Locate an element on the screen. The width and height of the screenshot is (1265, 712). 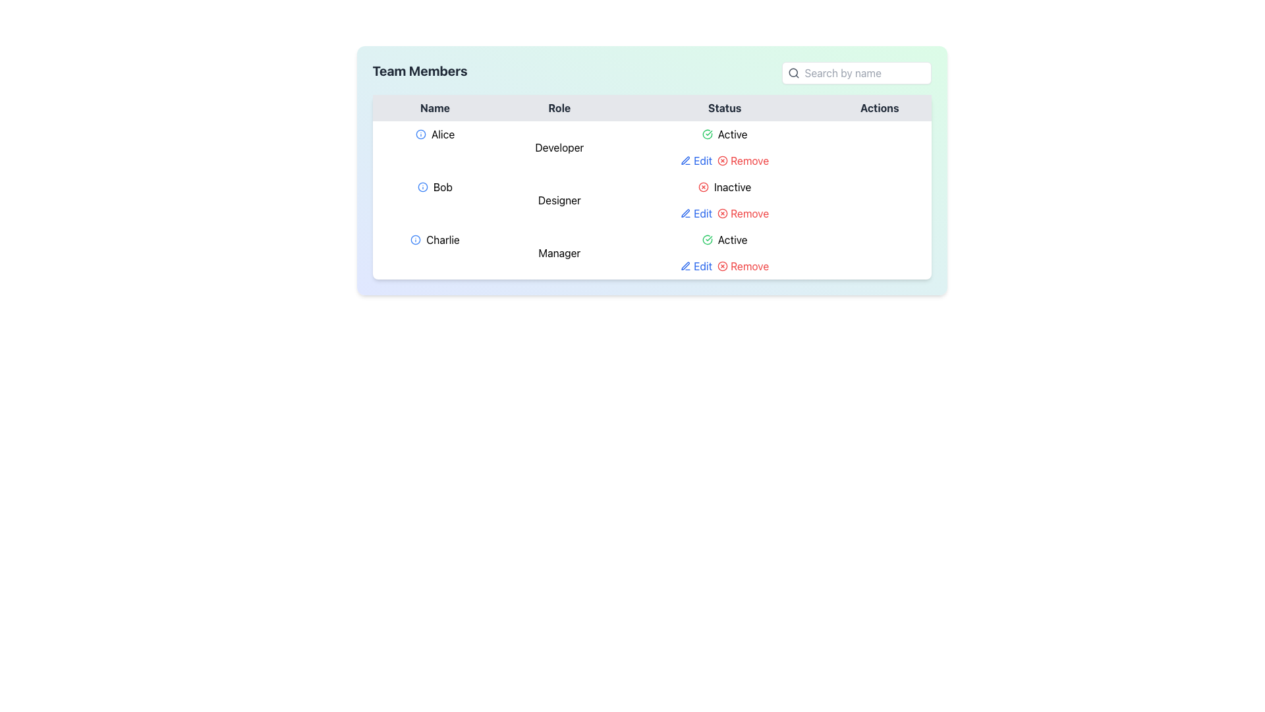
the static text indicating Charlie's role in the table, located in the third row under the 'Role' column is located at coordinates (559, 253).